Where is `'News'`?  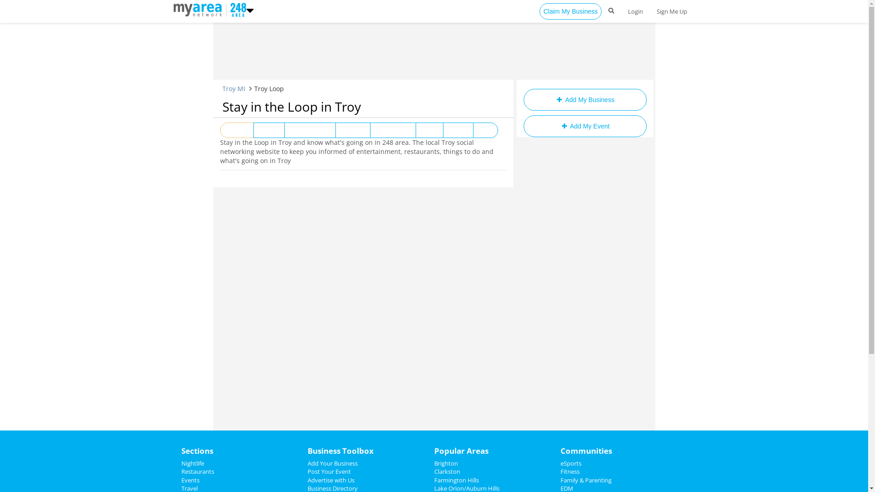 'News' is located at coordinates (429, 130).